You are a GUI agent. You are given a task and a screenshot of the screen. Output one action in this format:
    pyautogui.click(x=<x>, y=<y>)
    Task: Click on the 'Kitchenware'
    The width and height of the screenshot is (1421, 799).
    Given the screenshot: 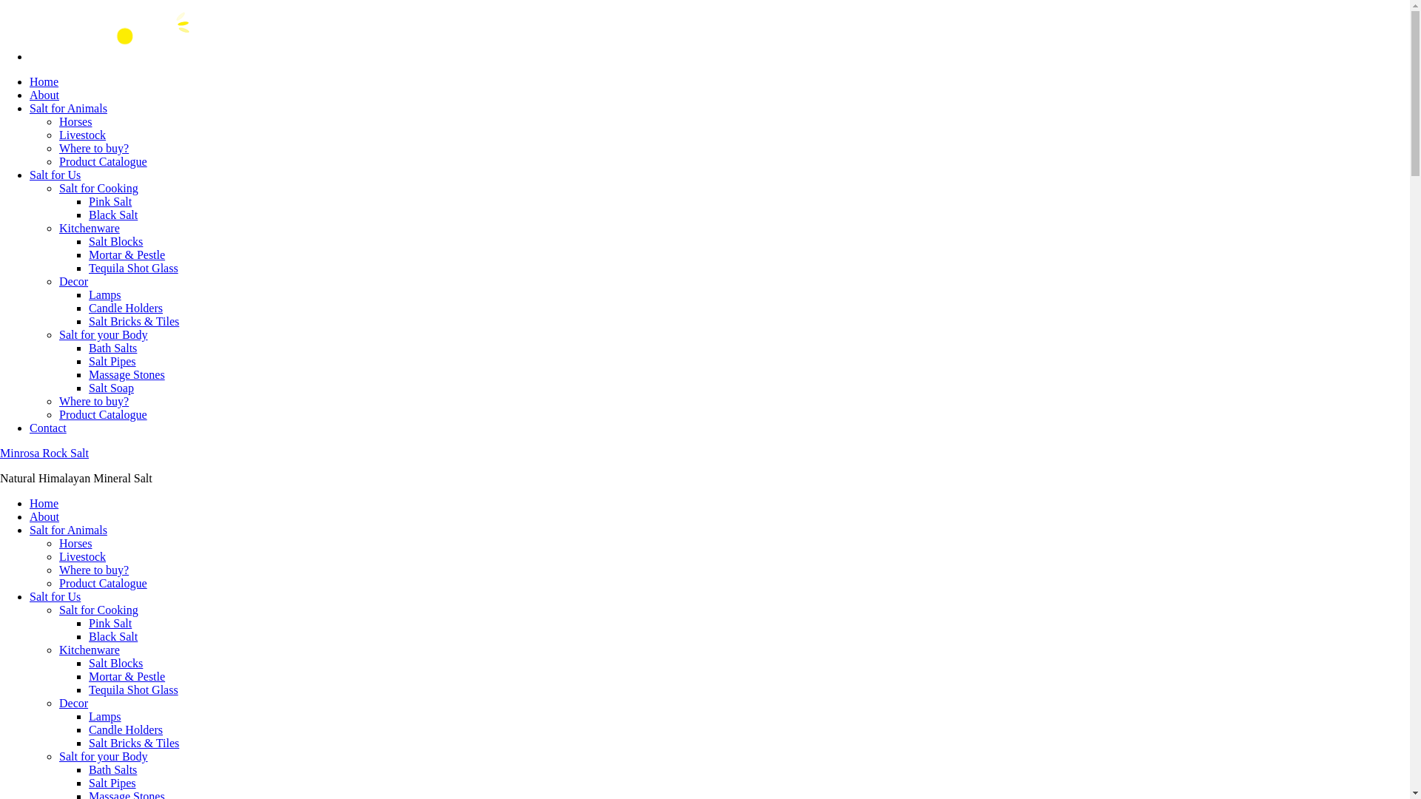 What is the action you would take?
    pyautogui.click(x=88, y=228)
    